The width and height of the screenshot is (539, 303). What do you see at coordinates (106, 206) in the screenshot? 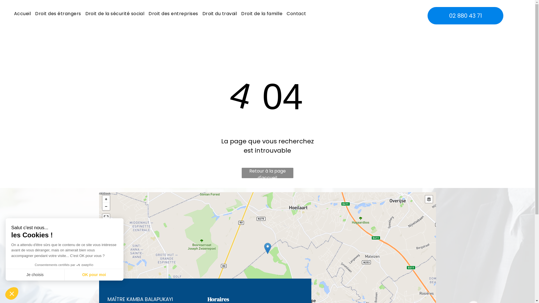
I see `'-'` at bounding box center [106, 206].